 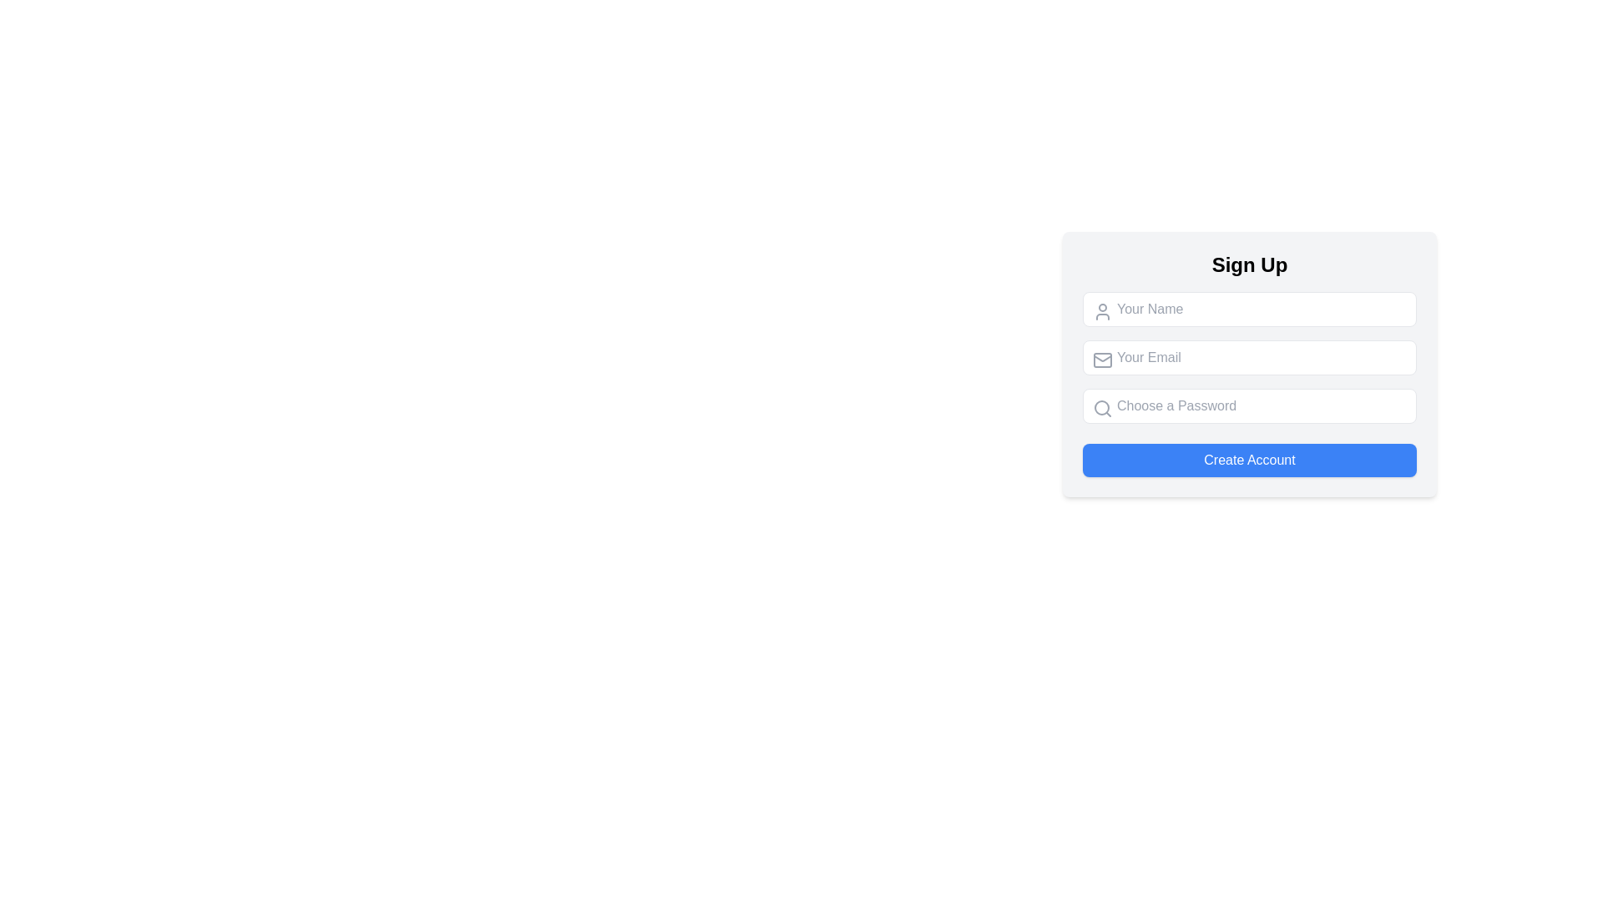 I want to click on the search or visibility icon located on the far left side of the password input field, so click(x=1102, y=408).